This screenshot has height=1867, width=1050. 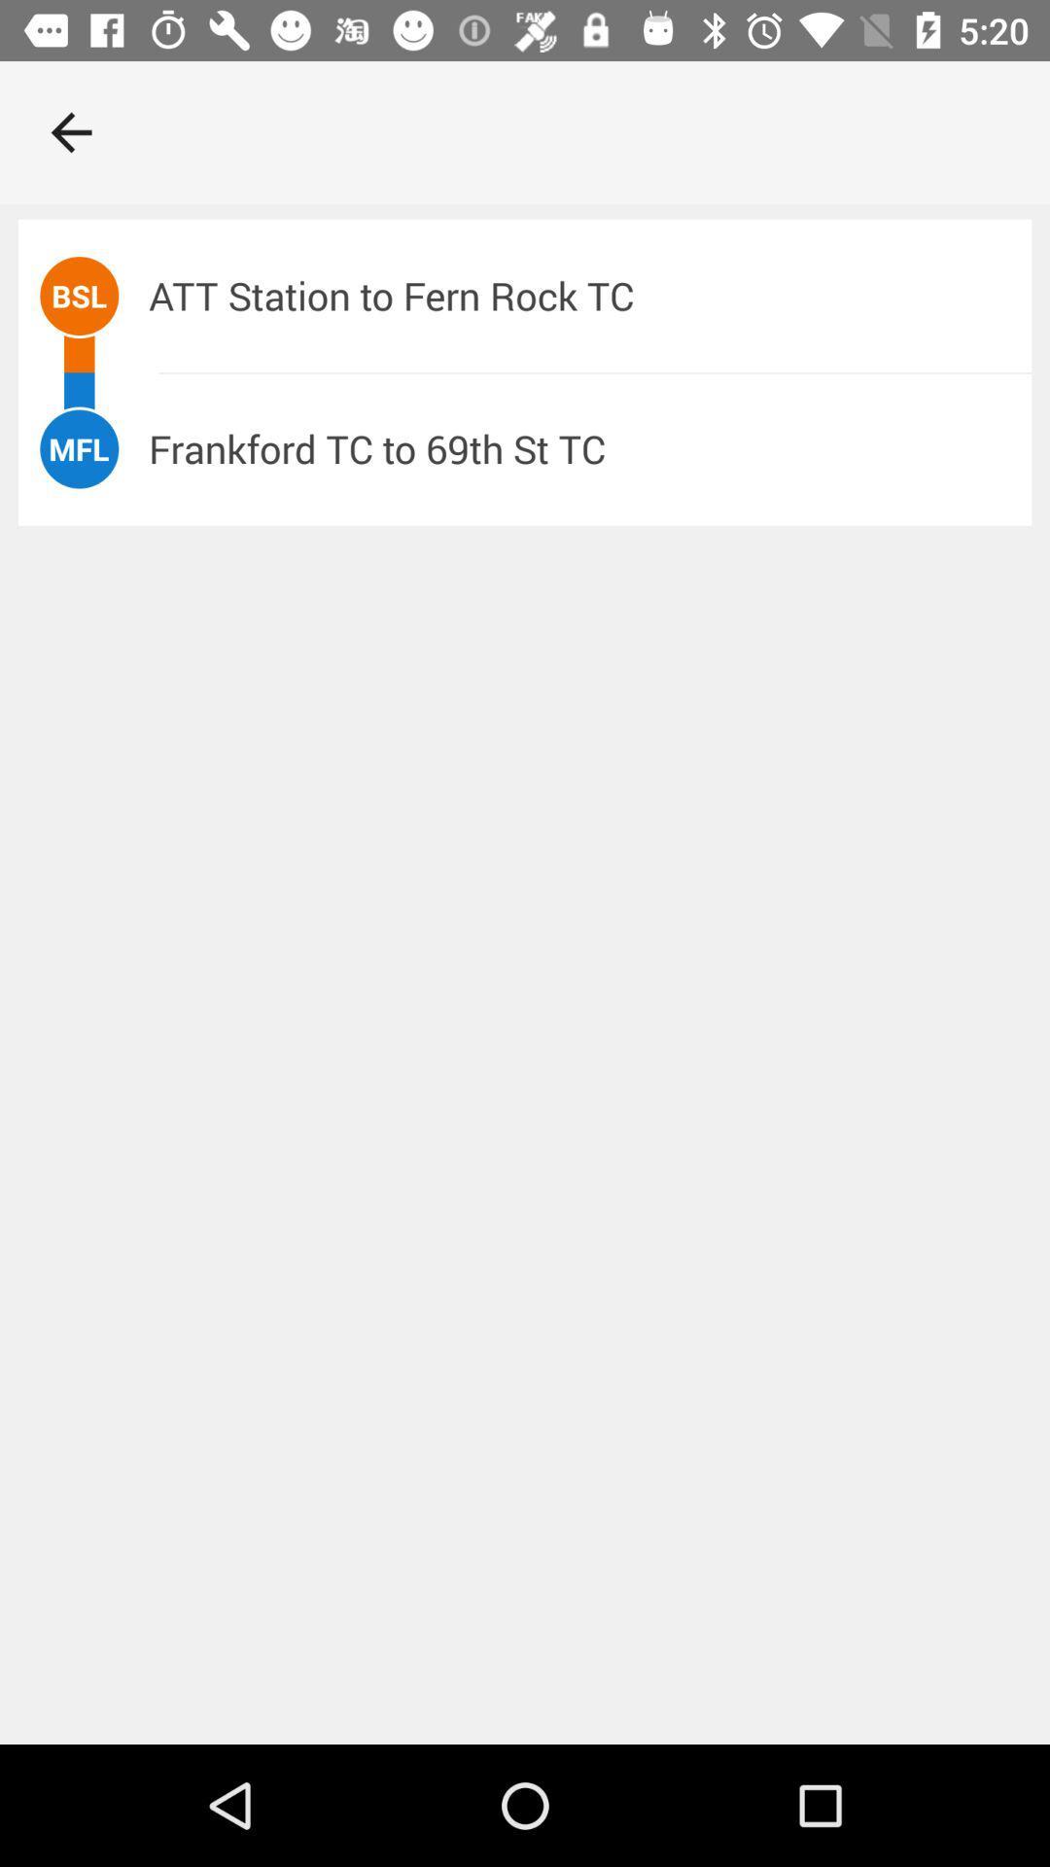 What do you see at coordinates (78, 295) in the screenshot?
I see `bsl icon` at bounding box center [78, 295].